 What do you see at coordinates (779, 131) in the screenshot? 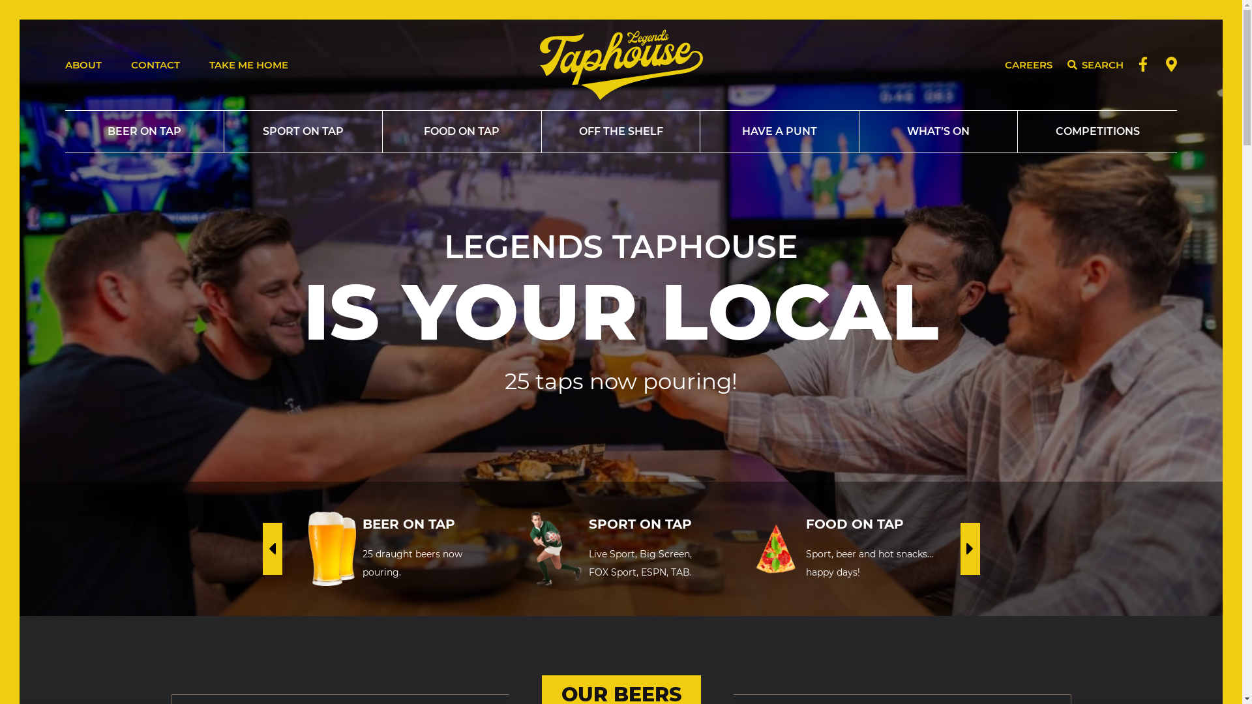
I see `'HAVE A PUNT'` at bounding box center [779, 131].